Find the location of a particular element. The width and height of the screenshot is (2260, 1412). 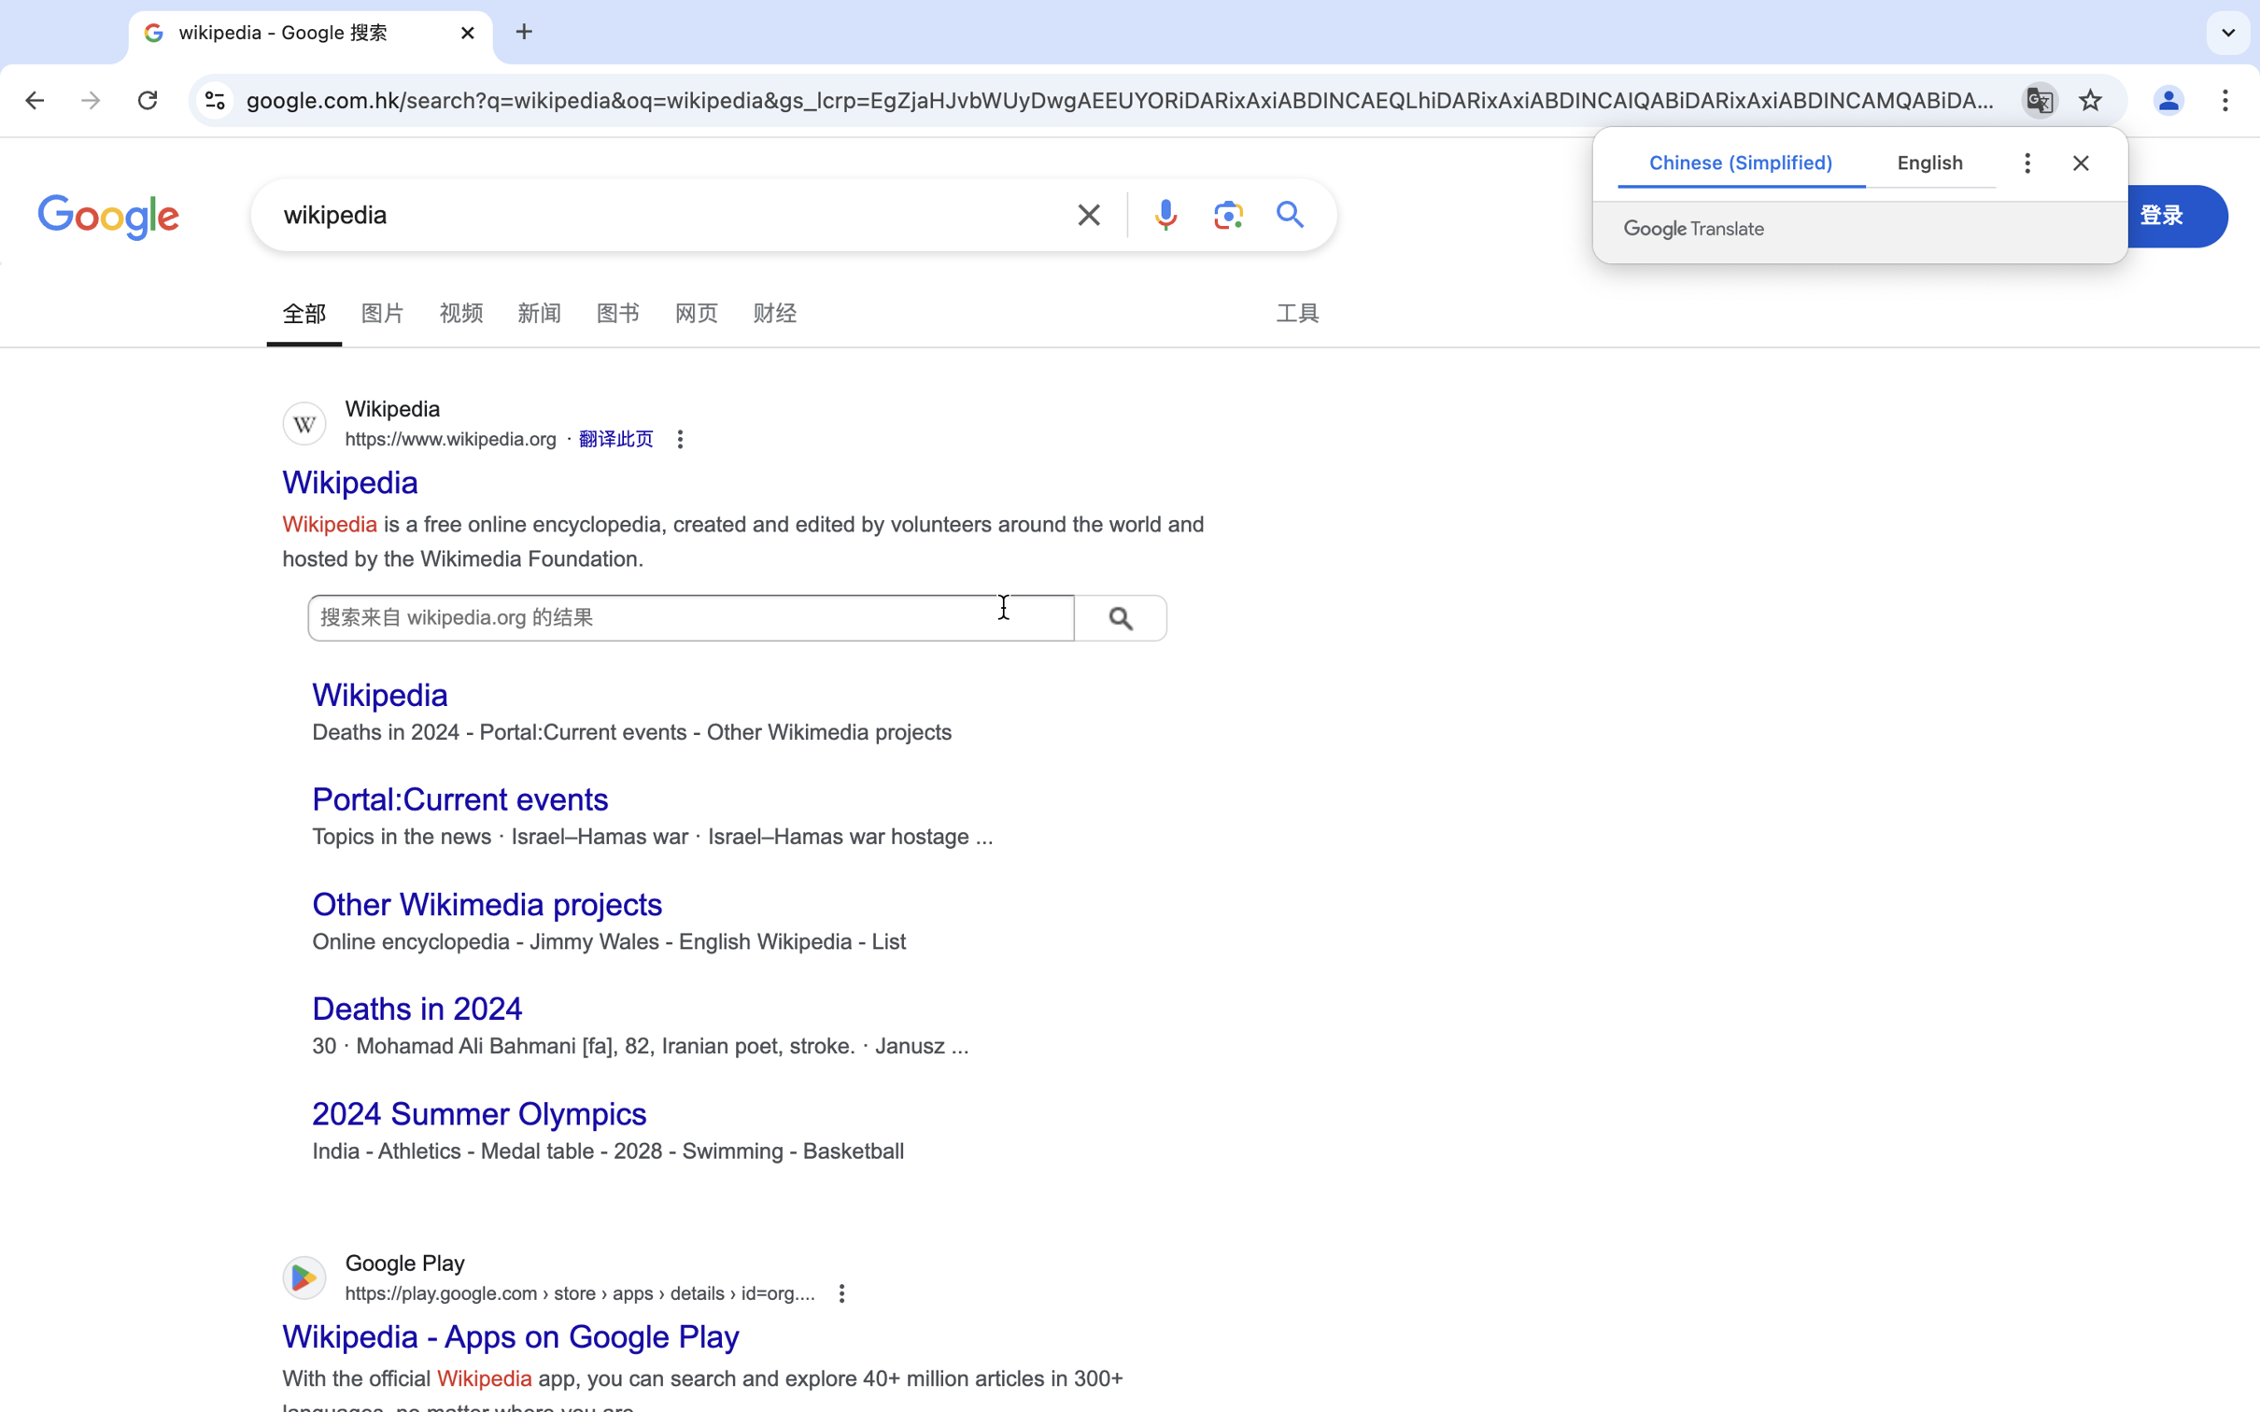

'登录' is located at coordinates (2162, 214).